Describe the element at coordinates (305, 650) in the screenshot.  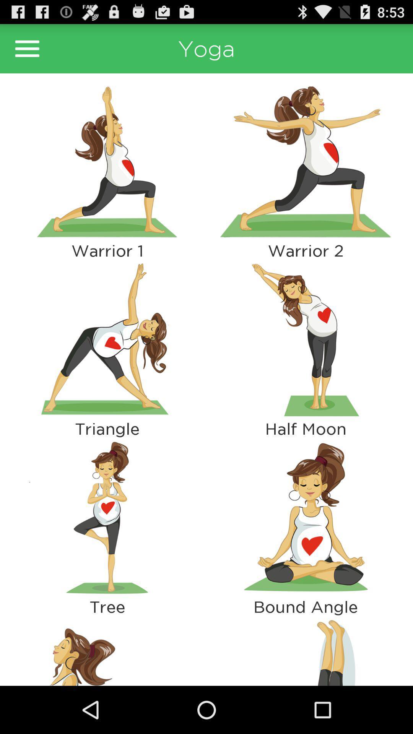
I see `the app next to tree` at that location.